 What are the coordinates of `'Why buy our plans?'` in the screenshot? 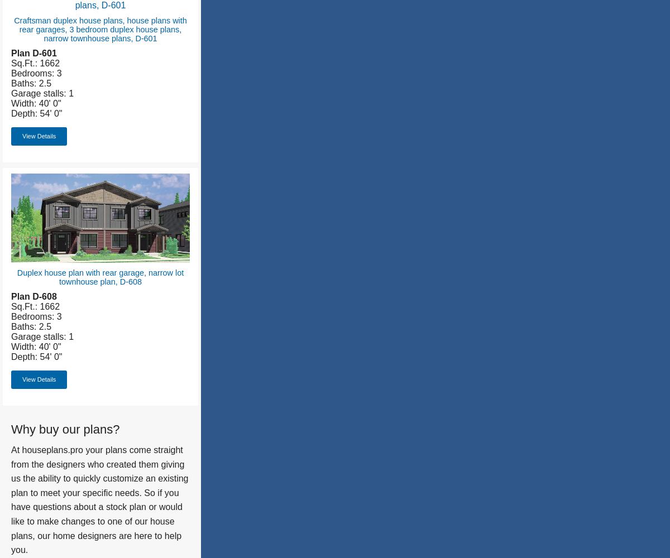 It's located at (65, 429).